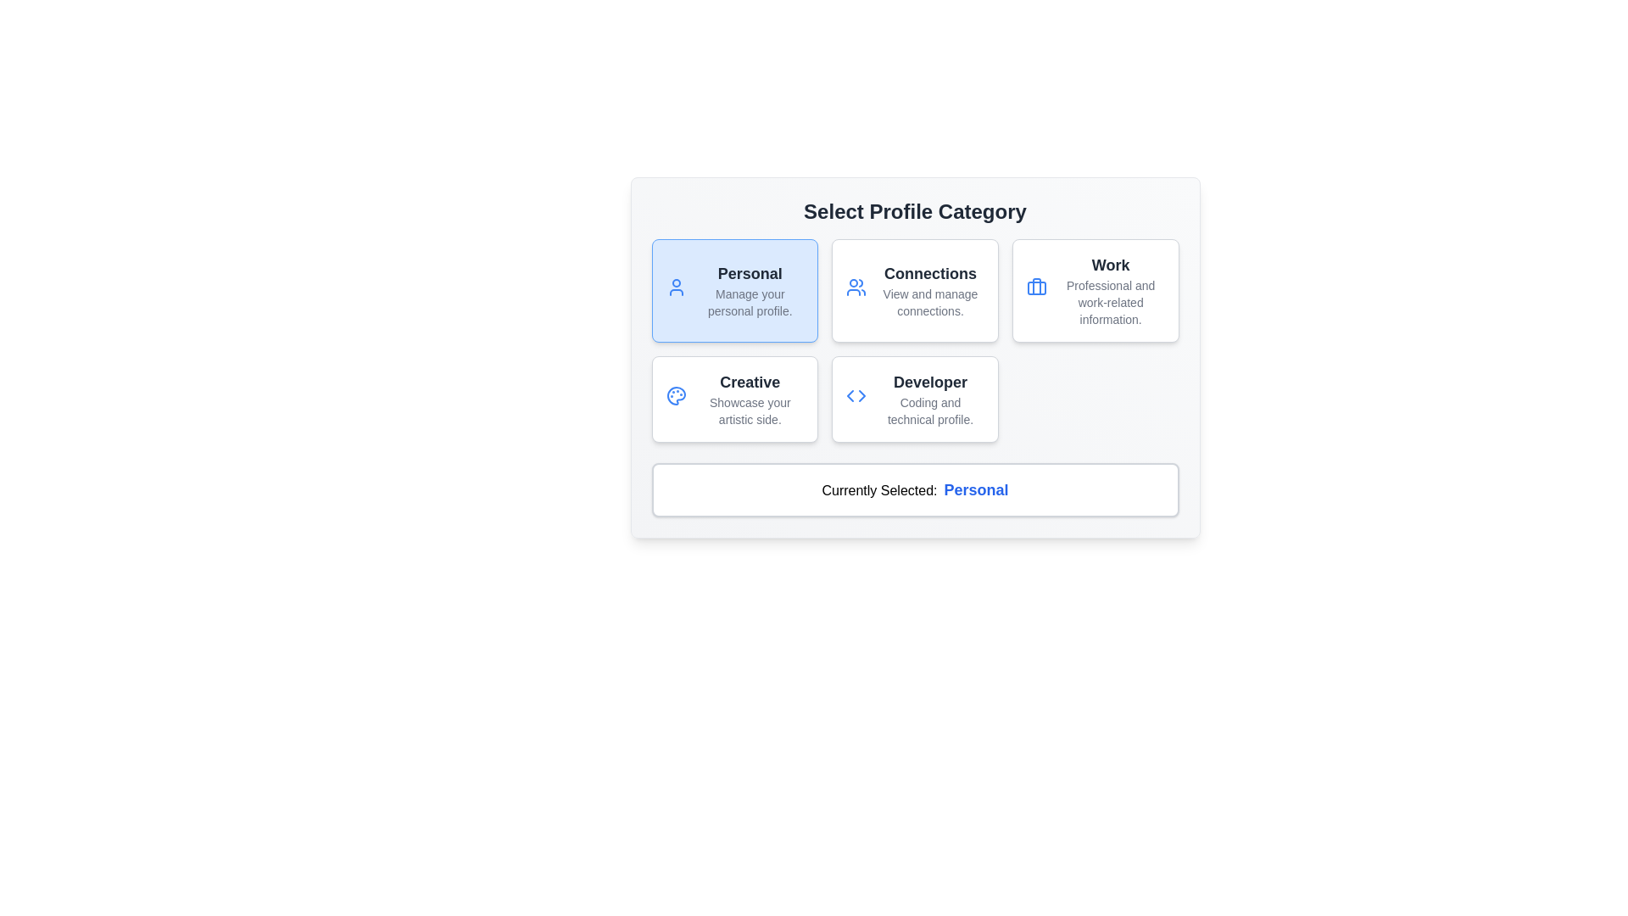  What do you see at coordinates (749, 411) in the screenshot?
I see `the text label 'Showcase your artistic side.' located below the title 'Creative'` at bounding box center [749, 411].